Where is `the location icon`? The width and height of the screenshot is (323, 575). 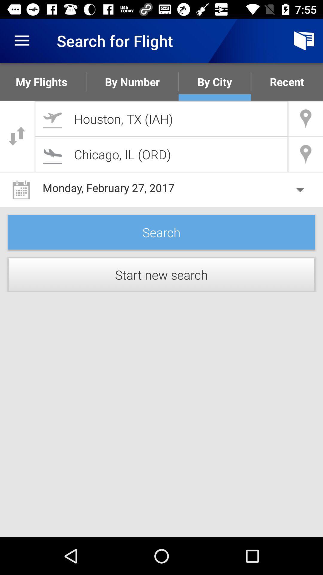 the location icon is located at coordinates (306, 154).